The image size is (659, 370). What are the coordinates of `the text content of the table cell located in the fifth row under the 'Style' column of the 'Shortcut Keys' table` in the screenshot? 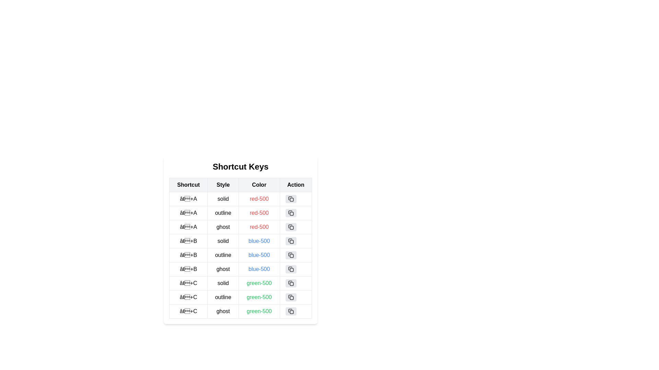 It's located at (240, 248).